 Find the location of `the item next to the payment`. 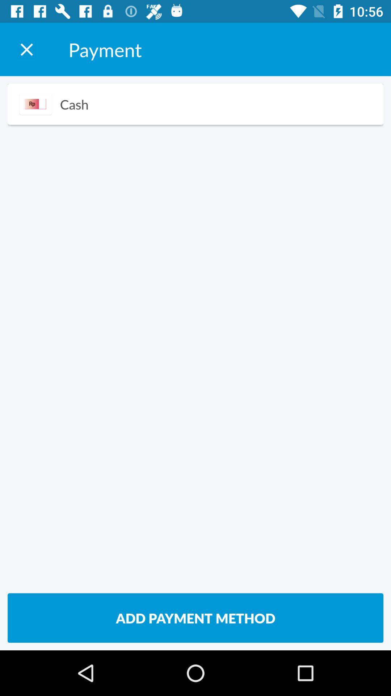

the item next to the payment is located at coordinates (26, 49).